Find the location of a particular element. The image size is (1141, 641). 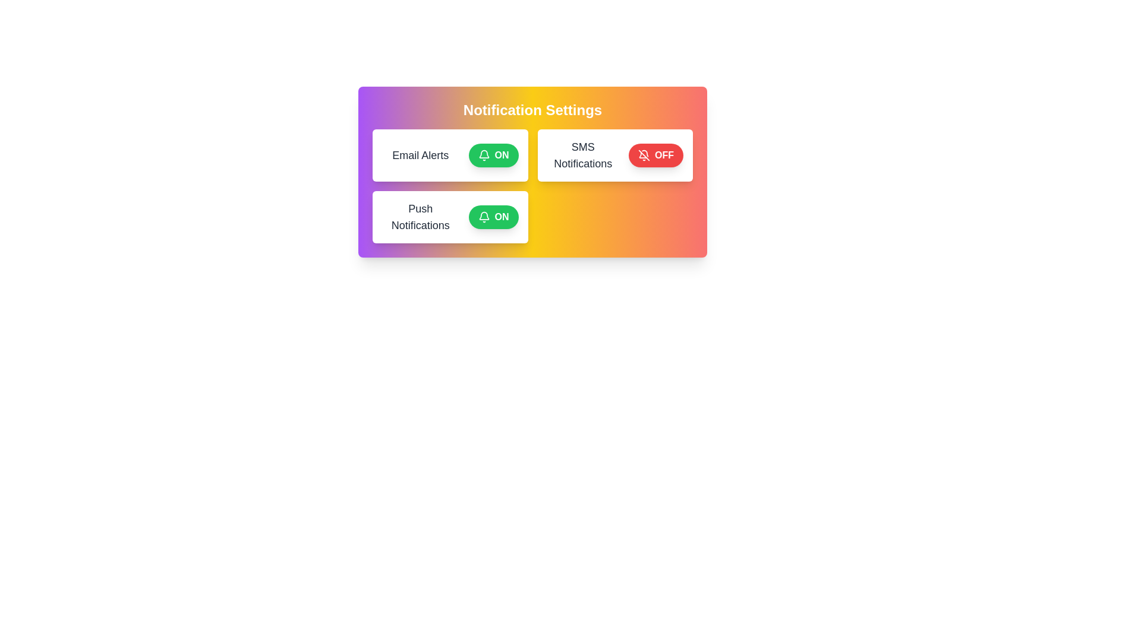

the button corresponding to Email Alerts is located at coordinates (493, 155).